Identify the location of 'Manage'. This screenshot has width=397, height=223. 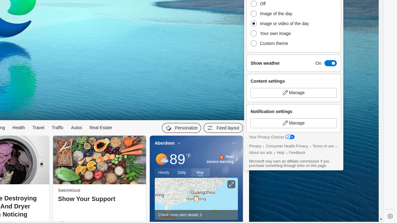
(293, 123).